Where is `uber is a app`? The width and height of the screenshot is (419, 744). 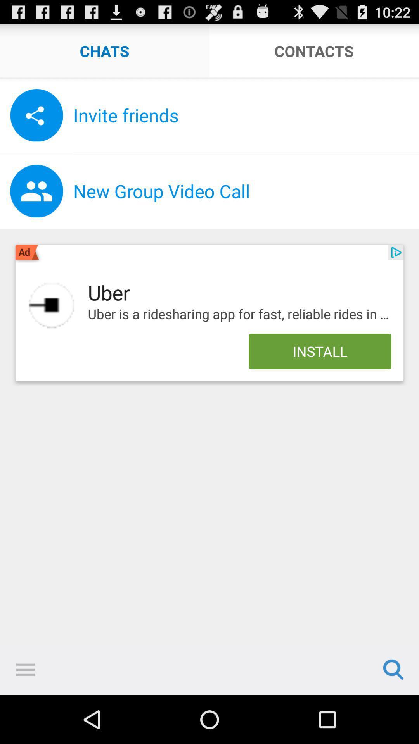
uber is a app is located at coordinates (239, 314).